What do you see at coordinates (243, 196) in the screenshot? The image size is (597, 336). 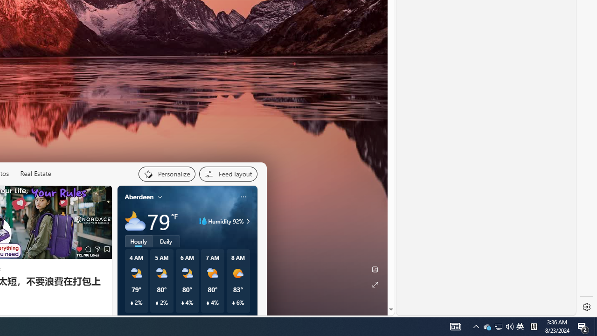 I see `'Class: icon-img'` at bounding box center [243, 196].